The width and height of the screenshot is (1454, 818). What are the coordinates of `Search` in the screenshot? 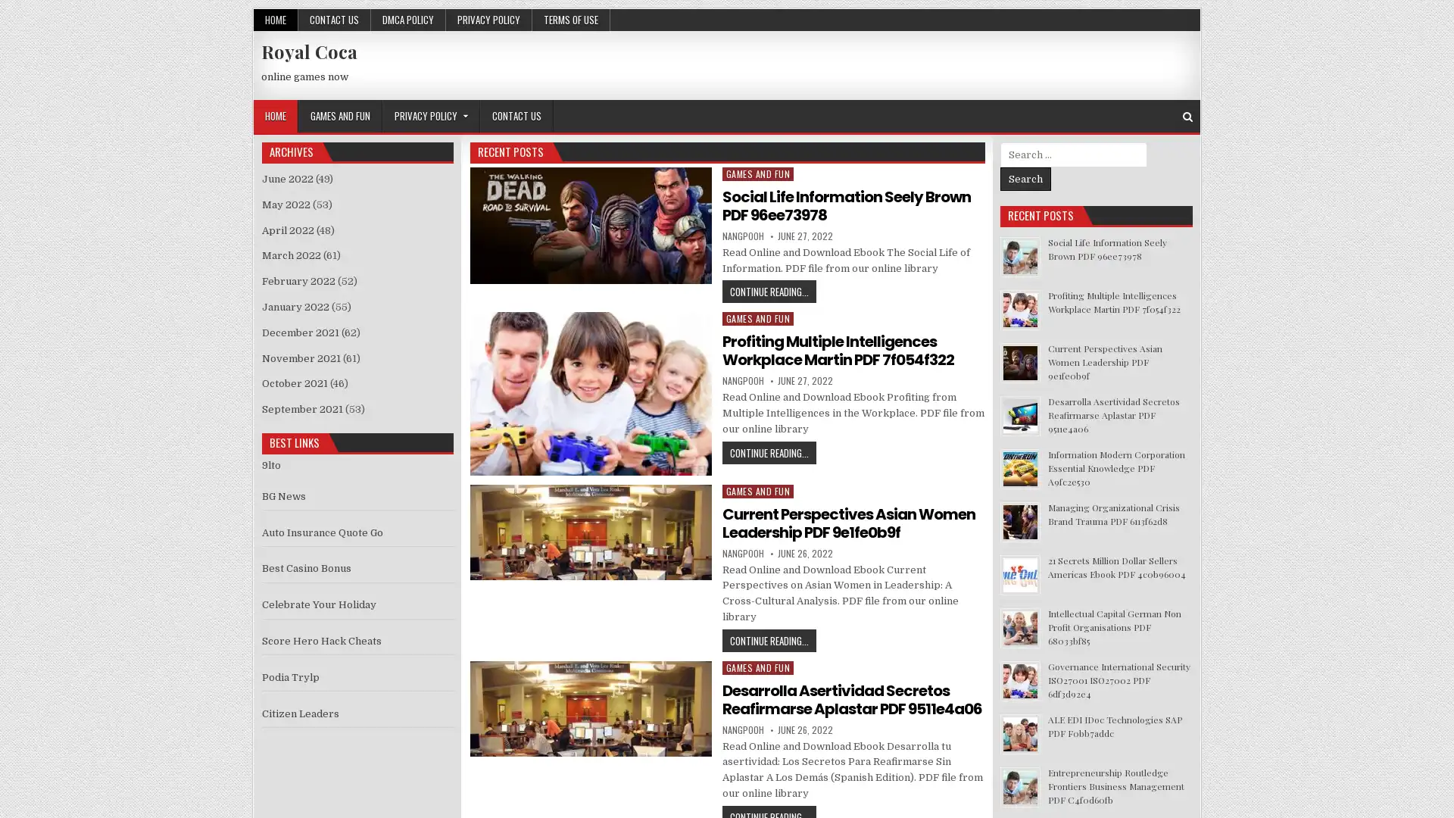 It's located at (1025, 178).